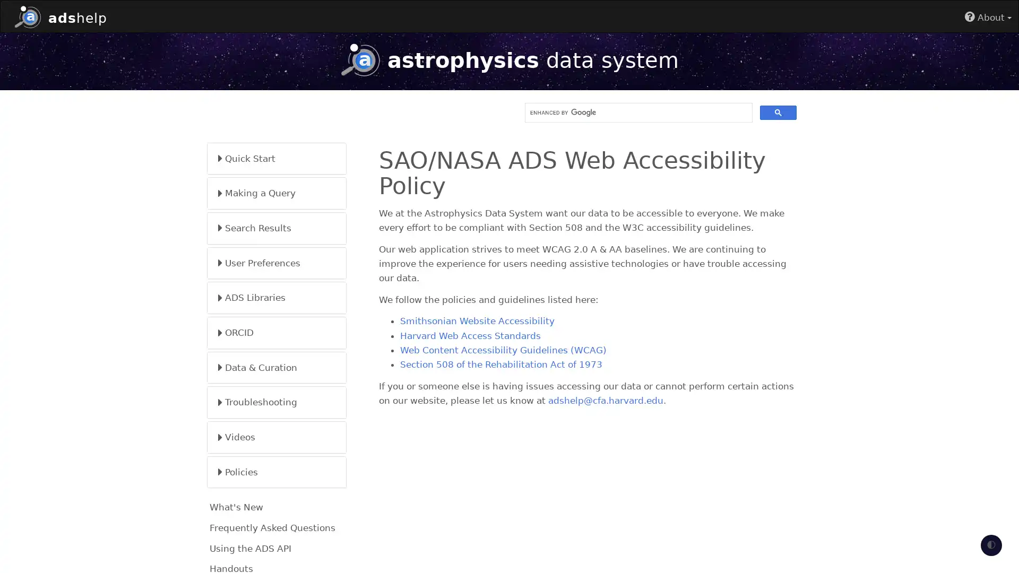  Describe the element at coordinates (277, 332) in the screenshot. I see `ORCID` at that location.